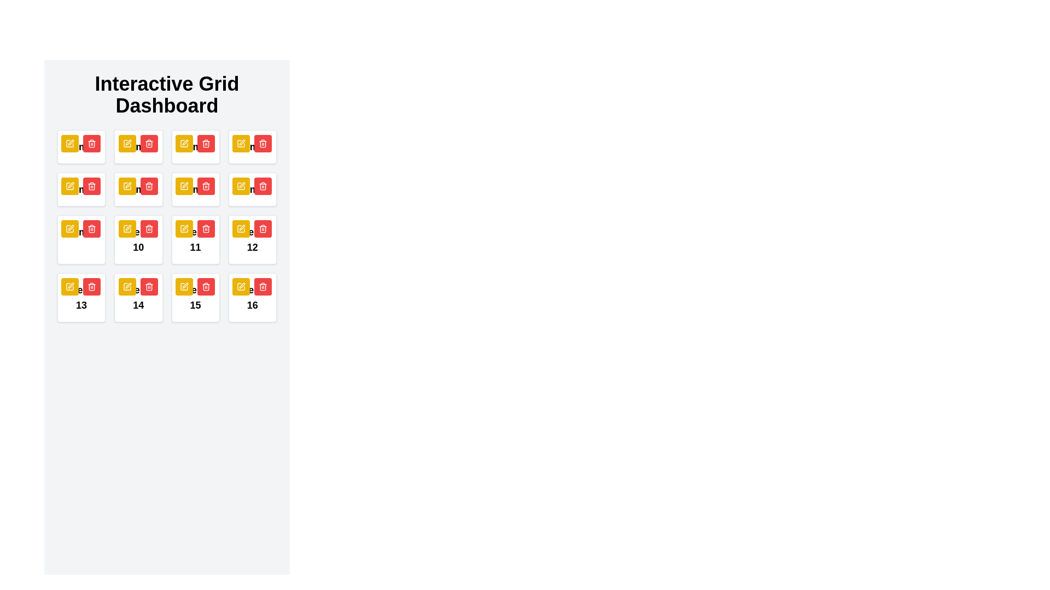 The width and height of the screenshot is (1050, 590). Describe the element at coordinates (166, 94) in the screenshot. I see `the header text label that serves as the title for the grid dashboard, positioned at the top center of the interface` at that location.